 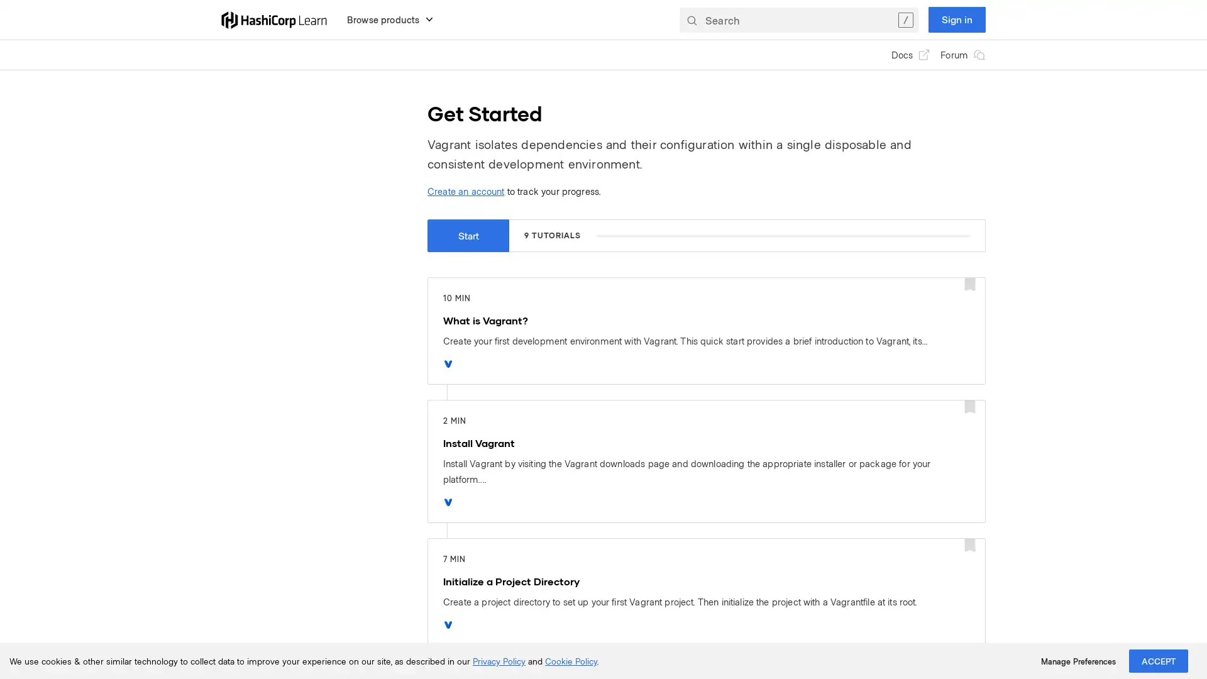 I want to click on Add bookmark for: Install and Specify a Box, so click(x=969, y=668).